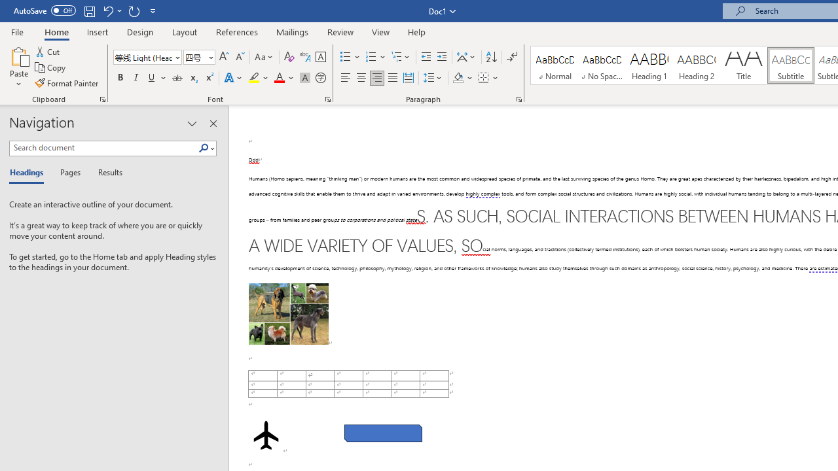 The height and width of the screenshot is (471, 838). Describe the element at coordinates (88, 10) in the screenshot. I see `'Save'` at that location.